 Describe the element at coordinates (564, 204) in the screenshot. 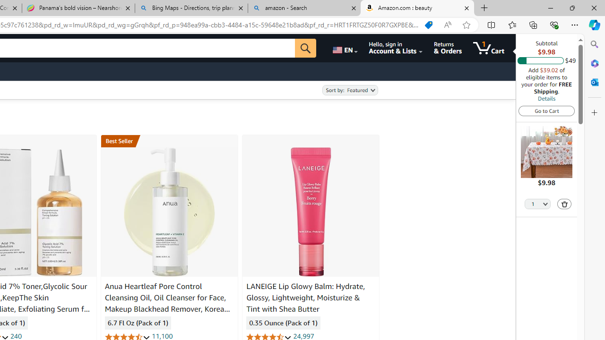

I see `'Delete'` at that location.